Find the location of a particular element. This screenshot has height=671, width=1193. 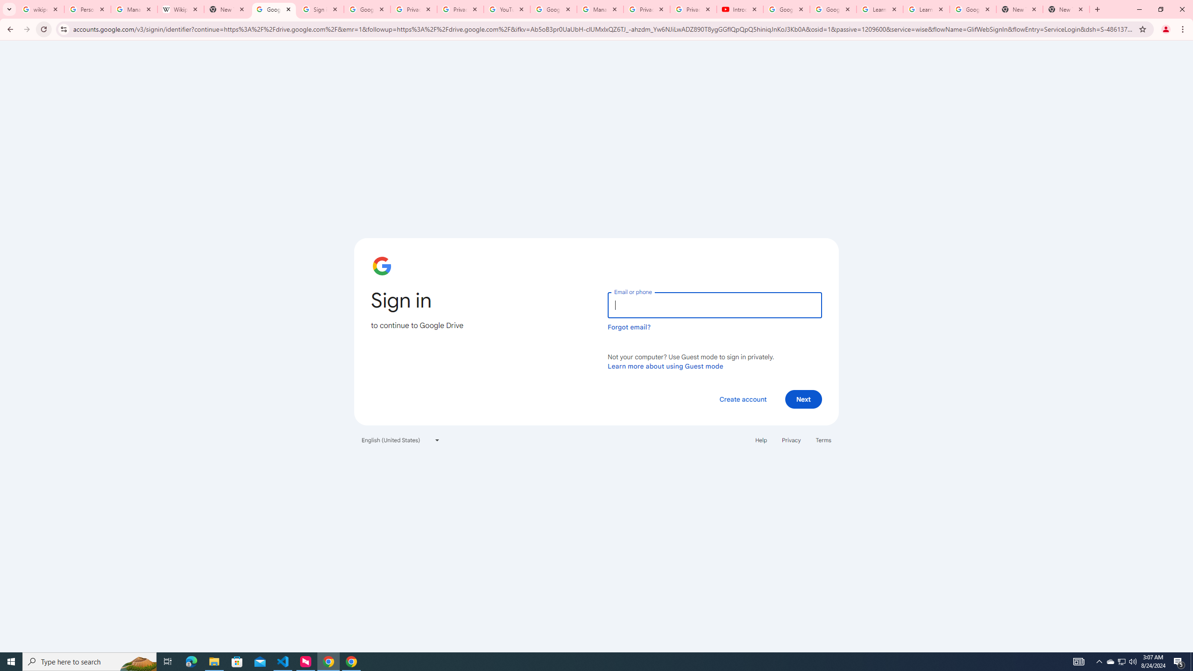

'Learn more about using Guest mode' is located at coordinates (665, 366).